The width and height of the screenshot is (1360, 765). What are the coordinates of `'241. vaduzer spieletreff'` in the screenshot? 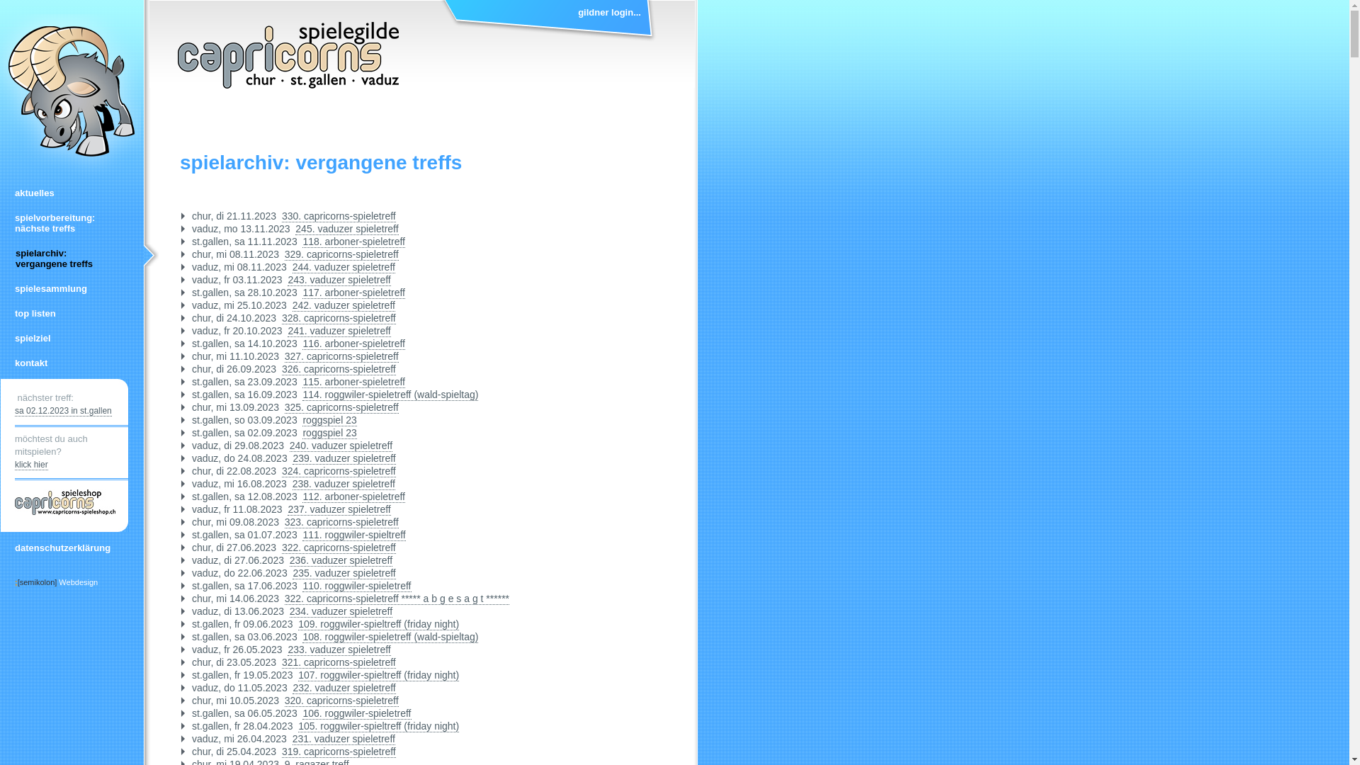 It's located at (287, 331).